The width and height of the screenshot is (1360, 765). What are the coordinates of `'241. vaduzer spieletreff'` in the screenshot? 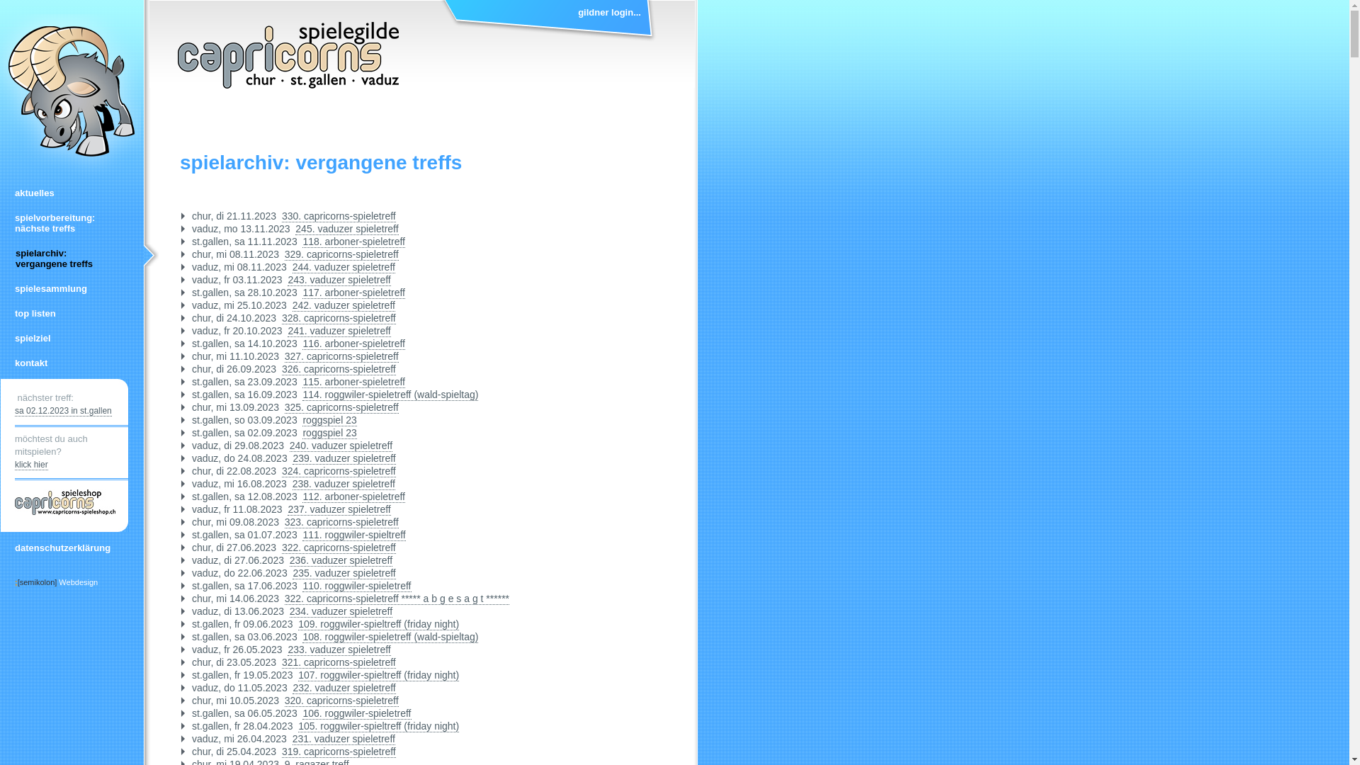 It's located at (287, 331).